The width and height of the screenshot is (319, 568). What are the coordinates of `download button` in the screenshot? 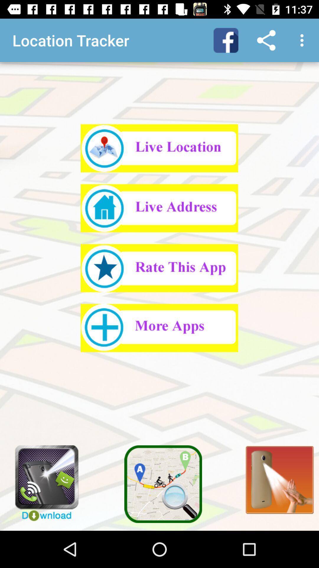 It's located at (42, 480).